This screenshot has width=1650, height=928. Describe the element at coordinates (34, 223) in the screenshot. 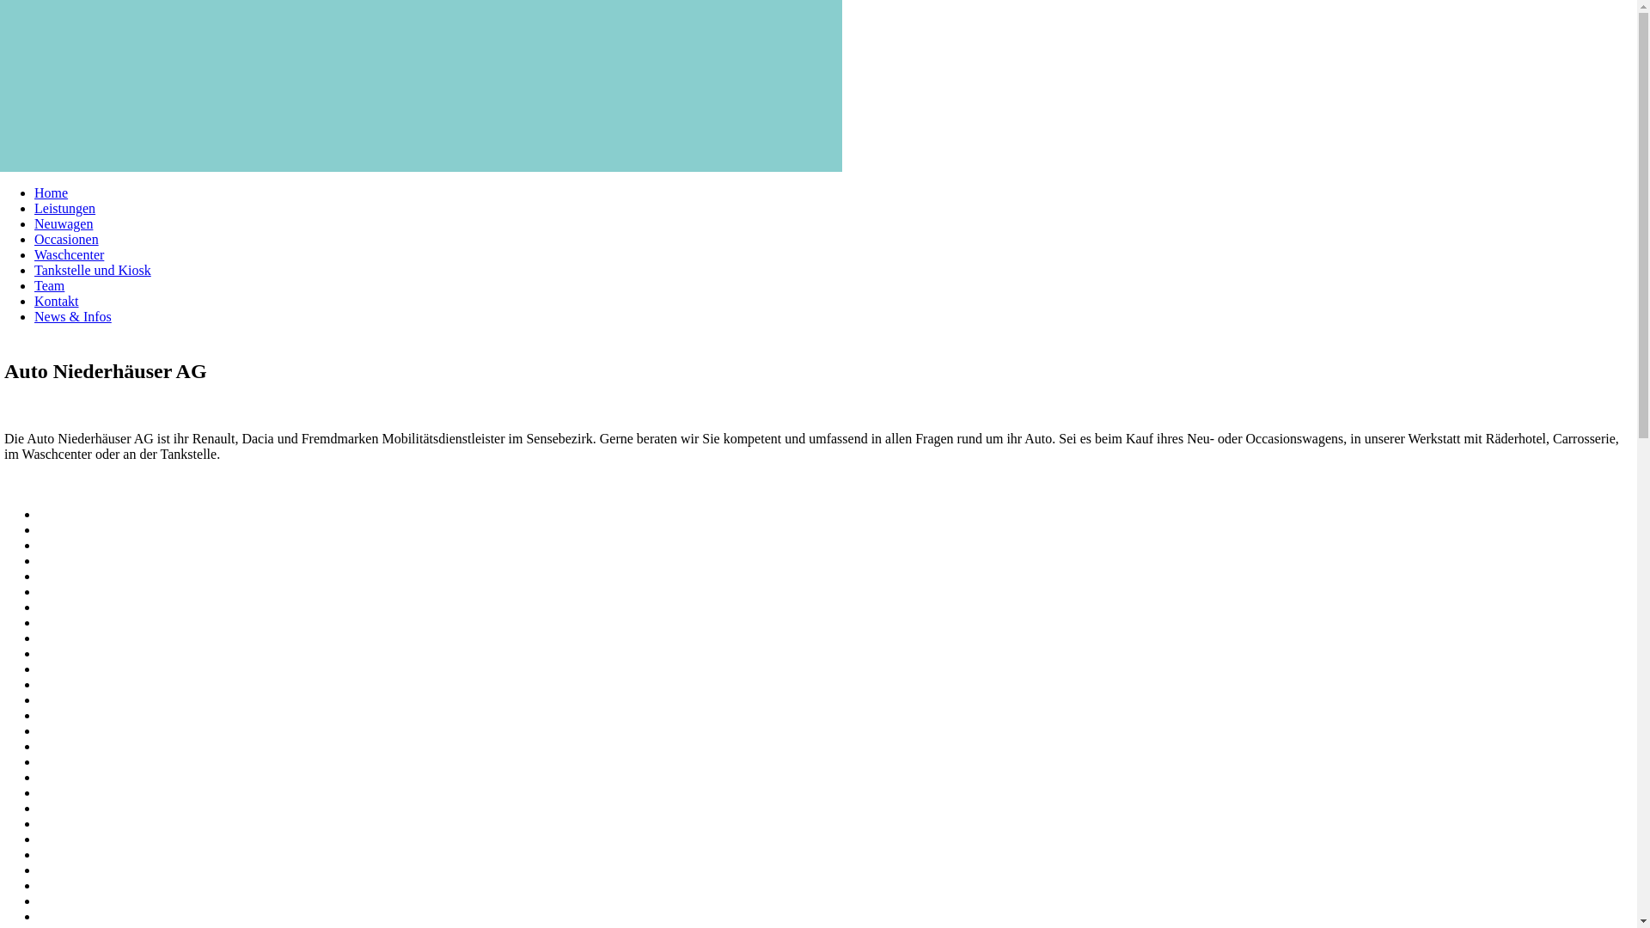

I see `'Neuwagen'` at that location.